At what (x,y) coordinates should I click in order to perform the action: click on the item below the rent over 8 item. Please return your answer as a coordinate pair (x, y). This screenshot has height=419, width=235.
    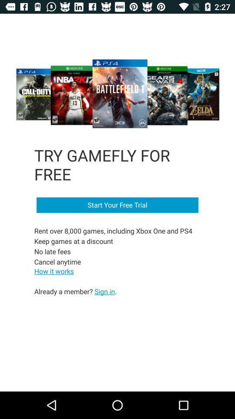
    Looking at the image, I should click on (54, 271).